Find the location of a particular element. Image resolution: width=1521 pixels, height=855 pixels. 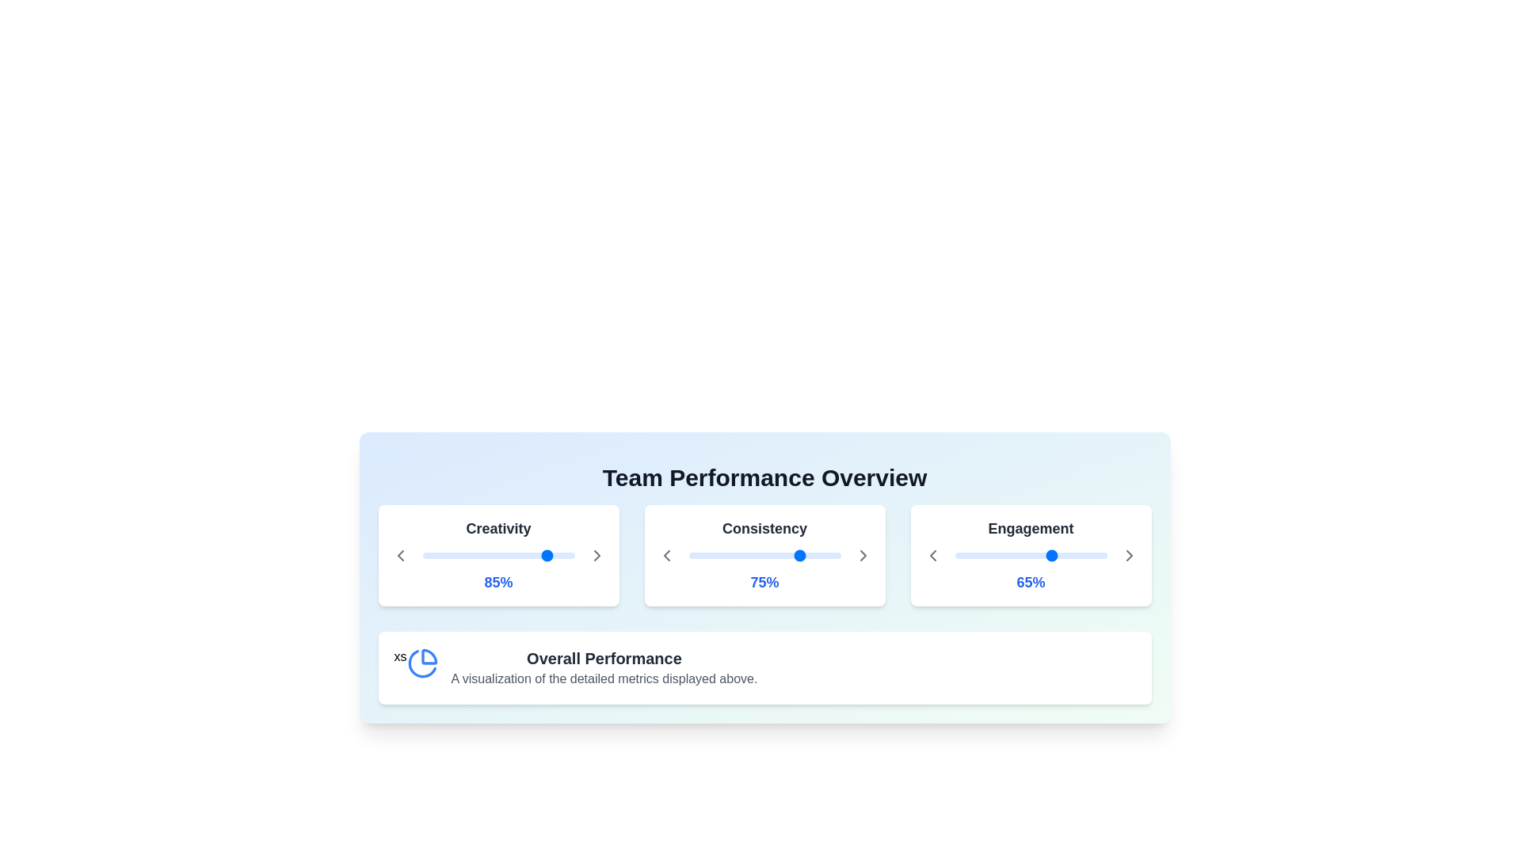

the leftward-facing chevron icon within the 'Creativity' card is located at coordinates (400, 555).